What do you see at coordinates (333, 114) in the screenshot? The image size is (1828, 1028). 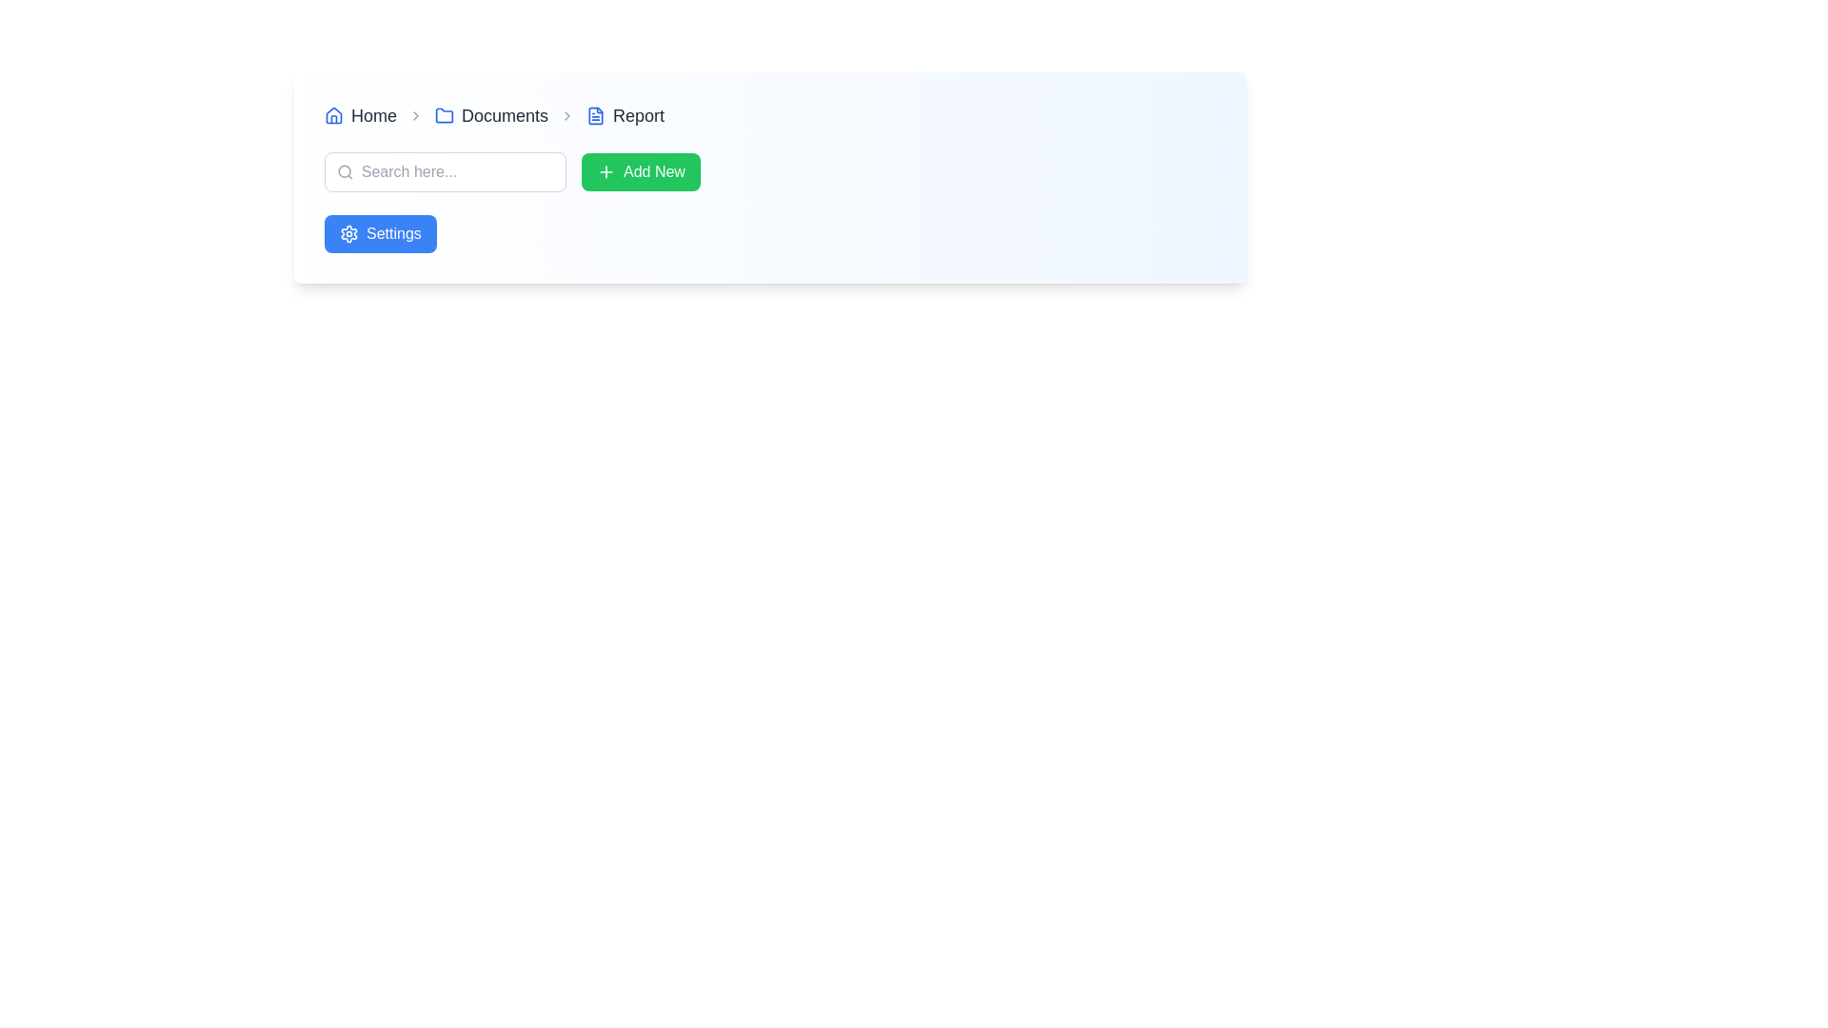 I see `the house icon in the breadcrumb navigation bar` at bounding box center [333, 114].